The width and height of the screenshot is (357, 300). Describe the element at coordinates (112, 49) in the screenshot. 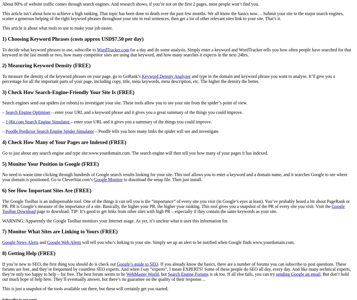

I see `'WordTracker.com'` at that location.